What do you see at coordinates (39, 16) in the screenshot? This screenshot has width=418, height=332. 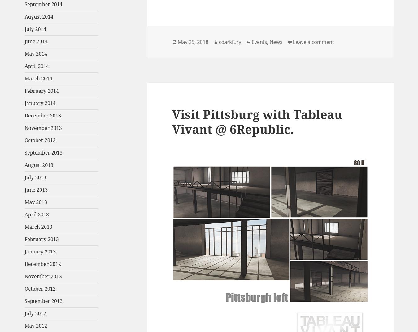 I see `'August 2014'` at bounding box center [39, 16].